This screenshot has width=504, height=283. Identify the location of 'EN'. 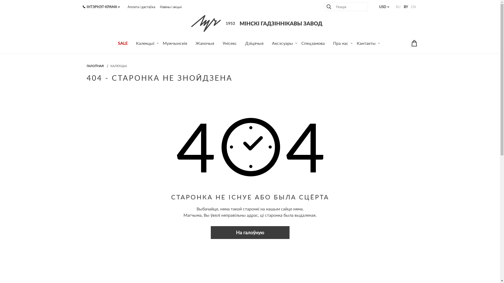
(413, 7).